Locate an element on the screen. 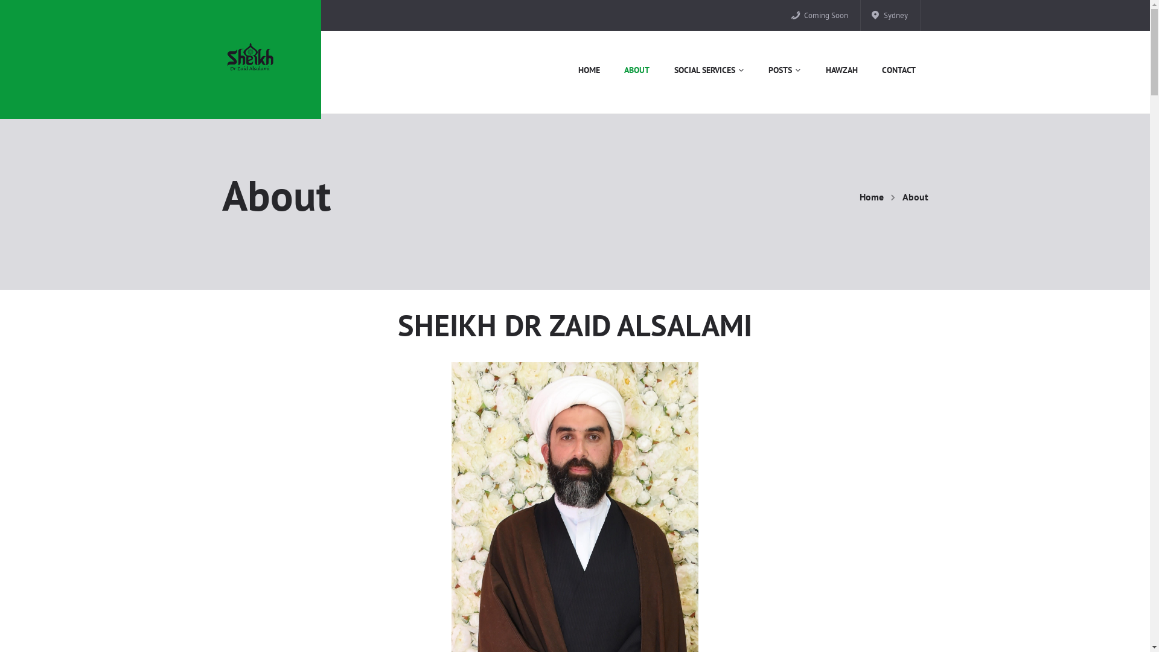 The image size is (1159, 652). 'SOCIAL SERVICES' is located at coordinates (662, 70).